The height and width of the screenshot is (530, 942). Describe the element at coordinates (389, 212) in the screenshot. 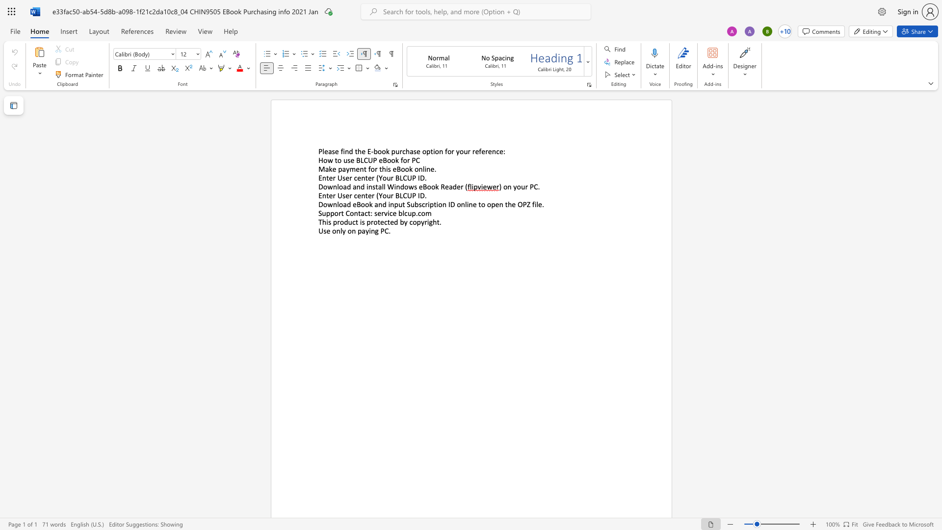

I see `the space between the continuous character "i" and "c" in the text` at that location.